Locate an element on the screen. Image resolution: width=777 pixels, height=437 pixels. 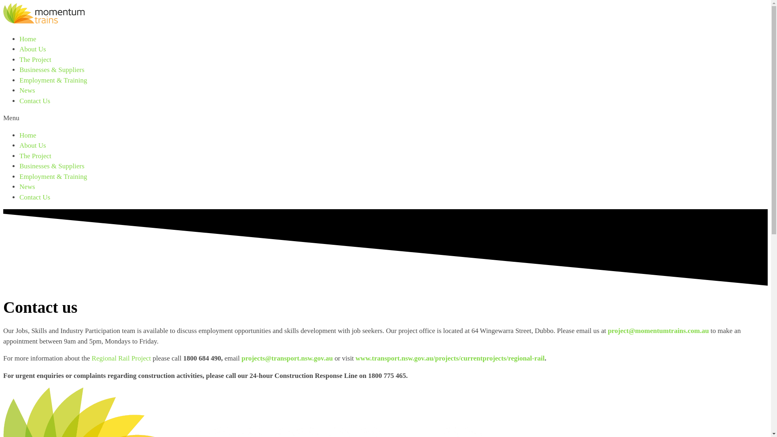
'Businesses & Suppliers' is located at coordinates (51, 69).